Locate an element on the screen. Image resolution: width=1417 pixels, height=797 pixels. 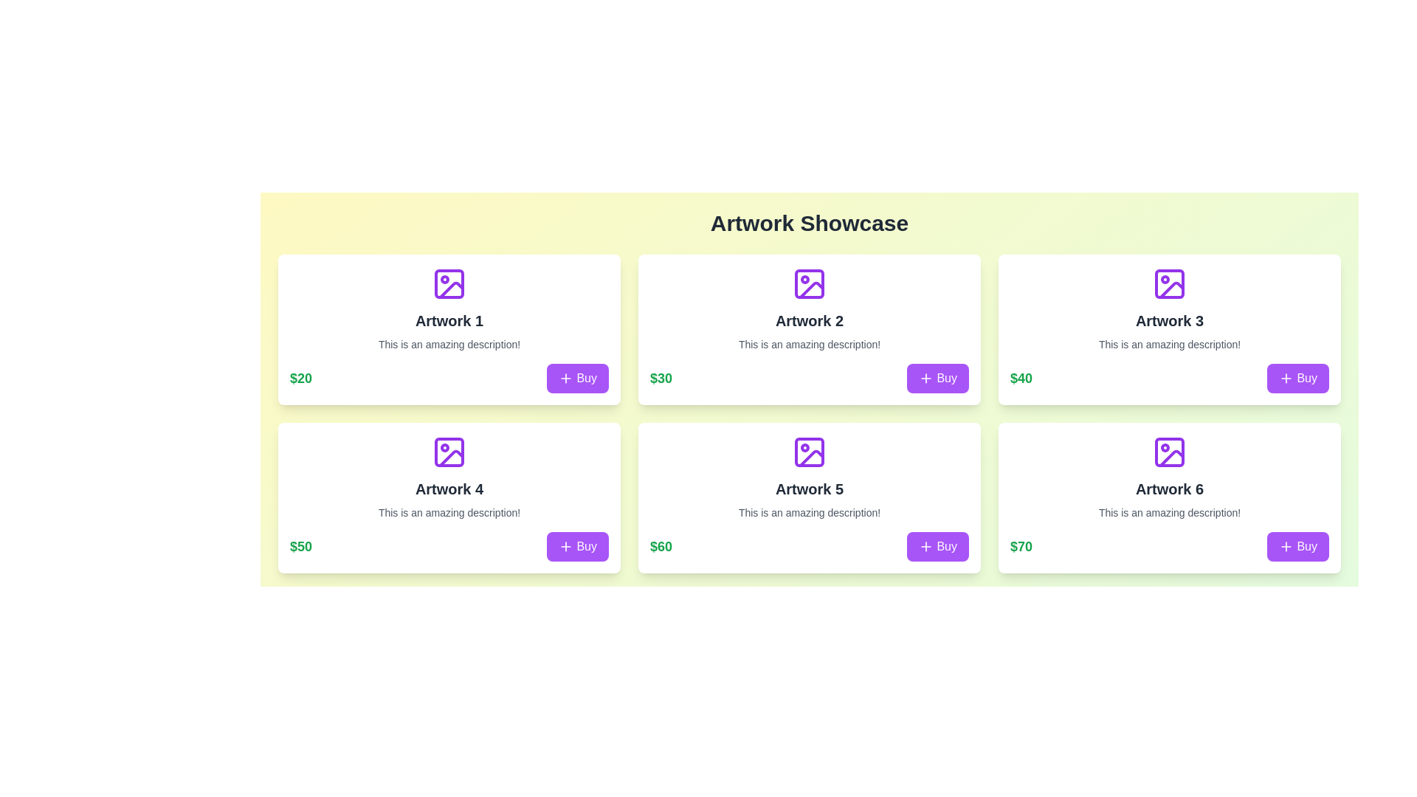
the text label inside the purple button for 'Artwork 4' is located at coordinates (586, 546).